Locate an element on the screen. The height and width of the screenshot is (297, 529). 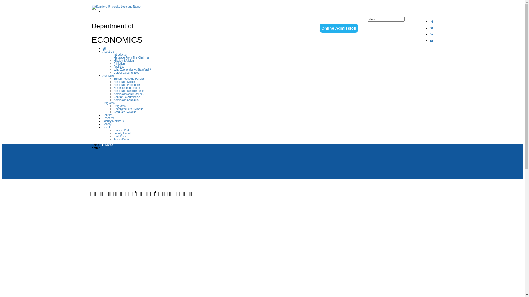
'Graduate Syllabus' is located at coordinates (124, 112).